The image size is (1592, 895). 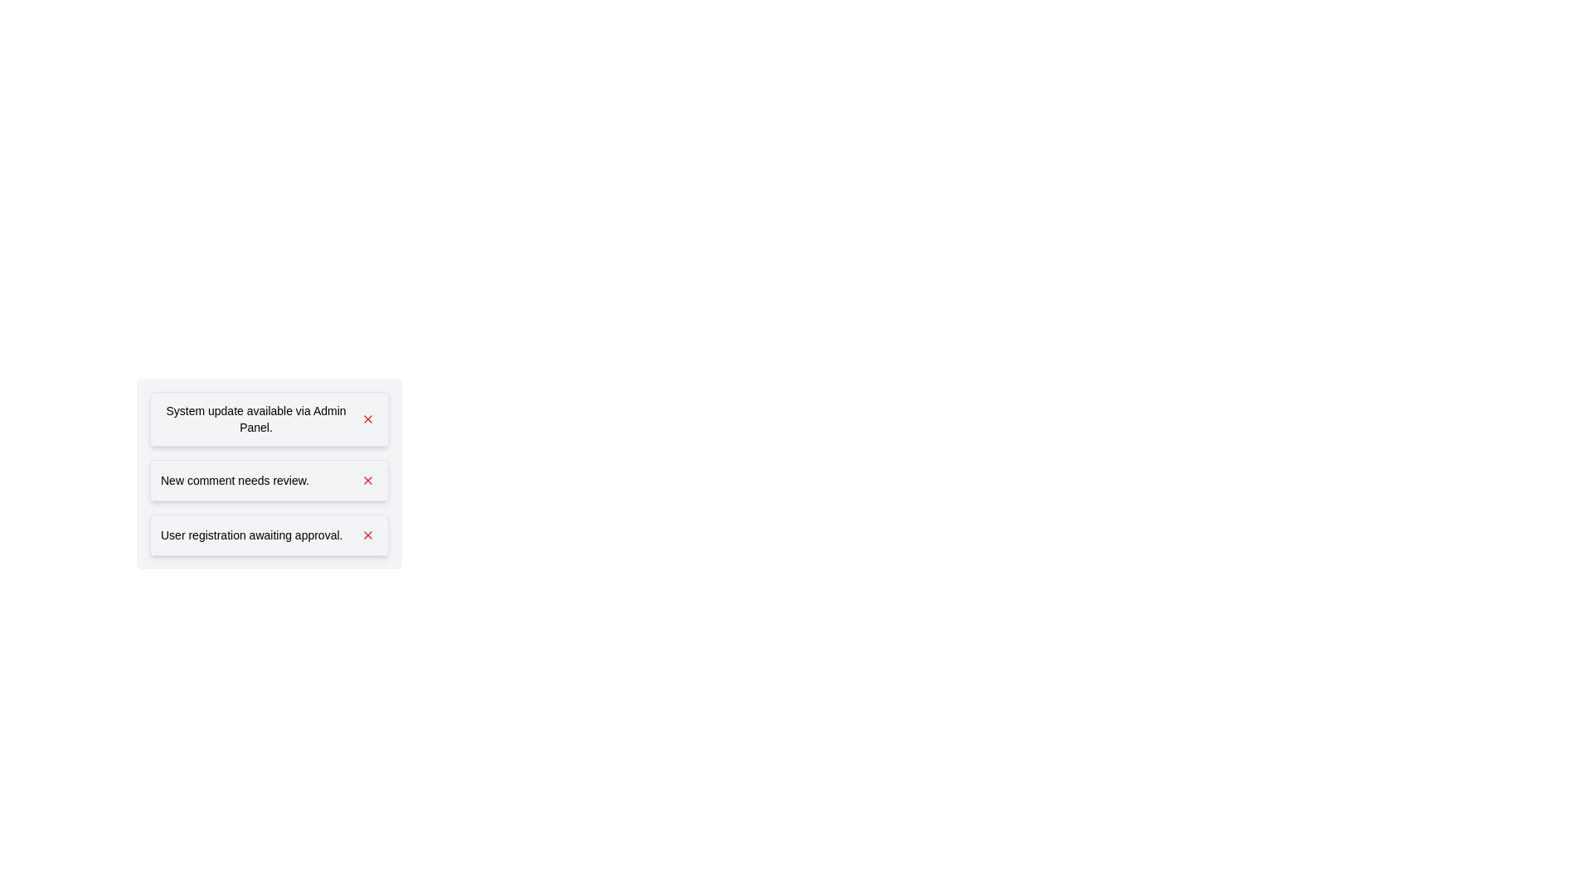 I want to click on the notification message text that informs the user about a system update available via the Admin Panel to read the full content, so click(x=255, y=418).